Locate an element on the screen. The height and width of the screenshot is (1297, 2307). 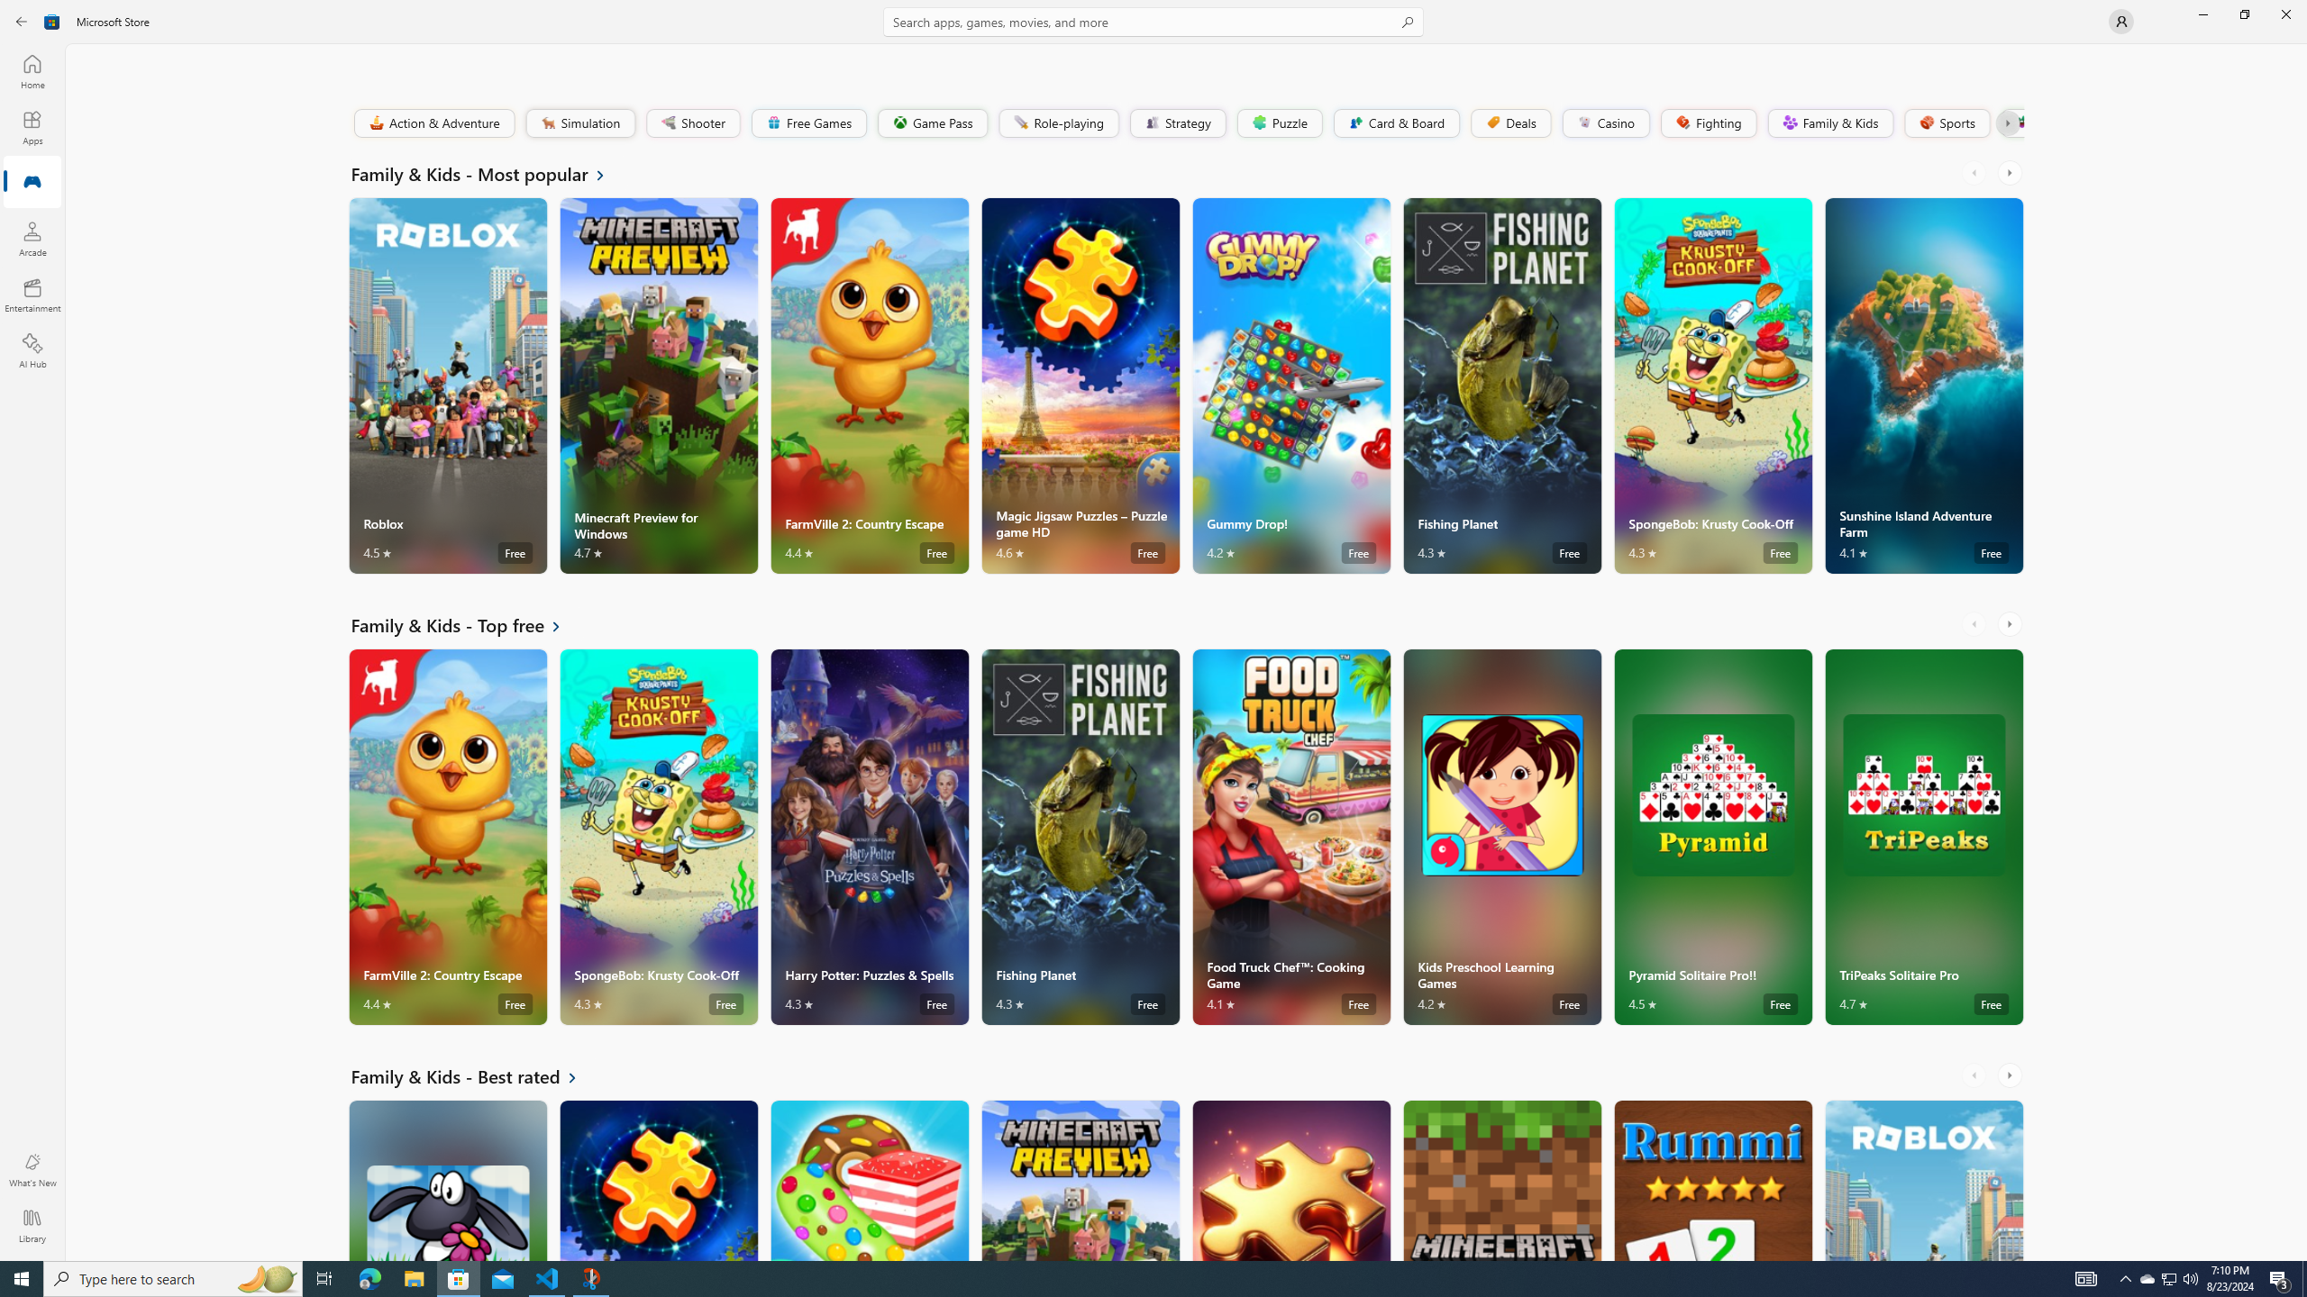
'Gummy Drop!. Average rating of 4.2 out of five stars. Free  ' is located at coordinates (1290, 385).